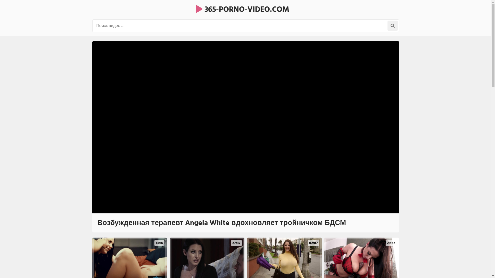  What do you see at coordinates (242, 10) in the screenshot?
I see `'365-PORNO-VIDEO.COM'` at bounding box center [242, 10].